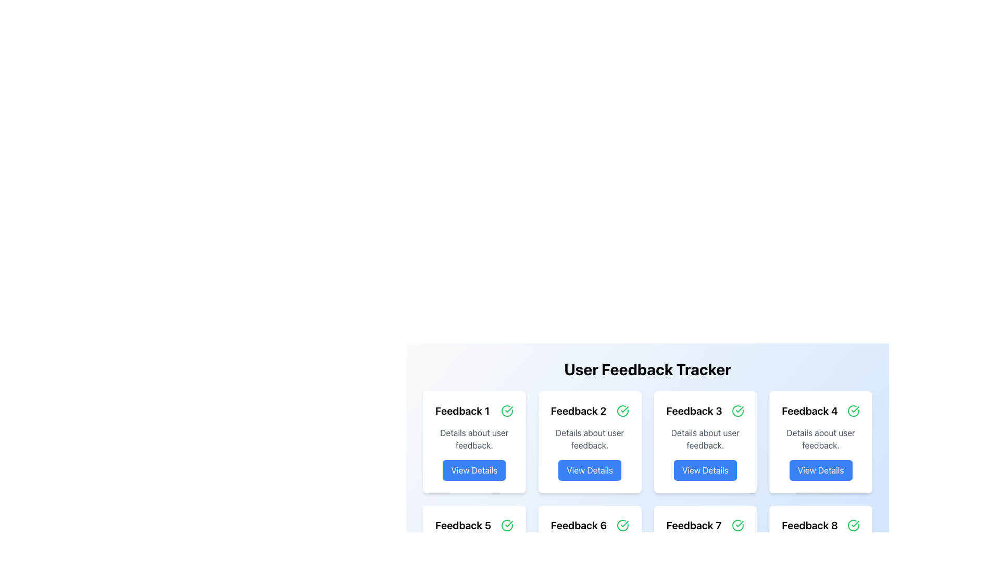 The width and height of the screenshot is (1000, 562). Describe the element at coordinates (622, 411) in the screenshot. I see `the status represented by the green checkmark icon located in the 'Feedback 2' section, positioned at the far right of the section` at that location.